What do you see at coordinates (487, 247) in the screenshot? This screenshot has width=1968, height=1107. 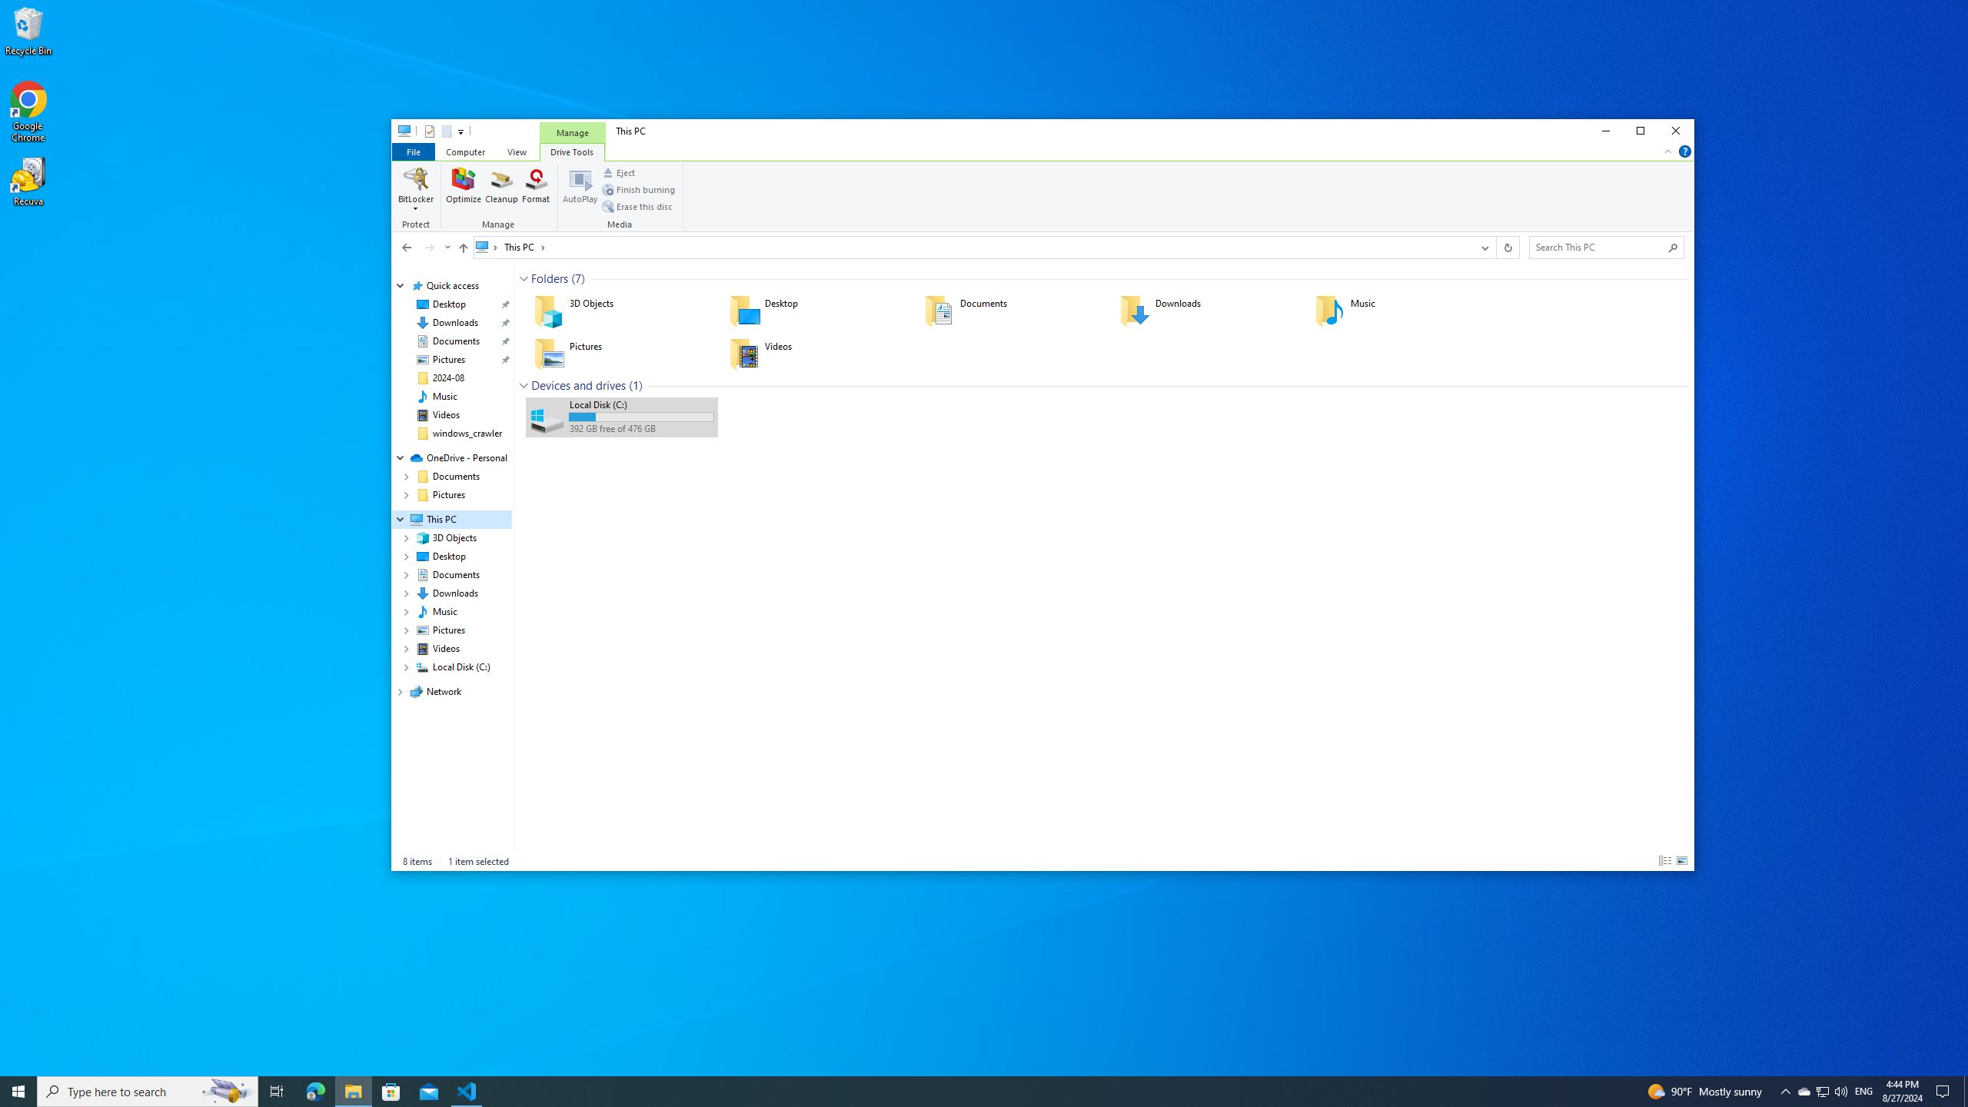 I see `'All locations'` at bounding box center [487, 247].